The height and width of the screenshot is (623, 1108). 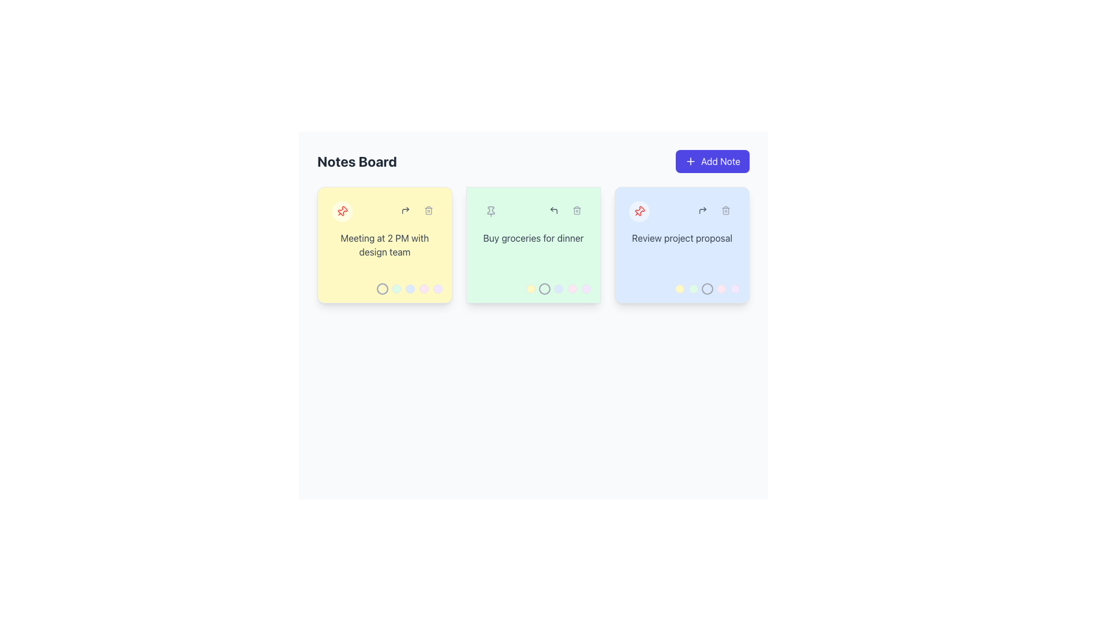 What do you see at coordinates (410, 288) in the screenshot?
I see `the small, circular blue marker` at bounding box center [410, 288].